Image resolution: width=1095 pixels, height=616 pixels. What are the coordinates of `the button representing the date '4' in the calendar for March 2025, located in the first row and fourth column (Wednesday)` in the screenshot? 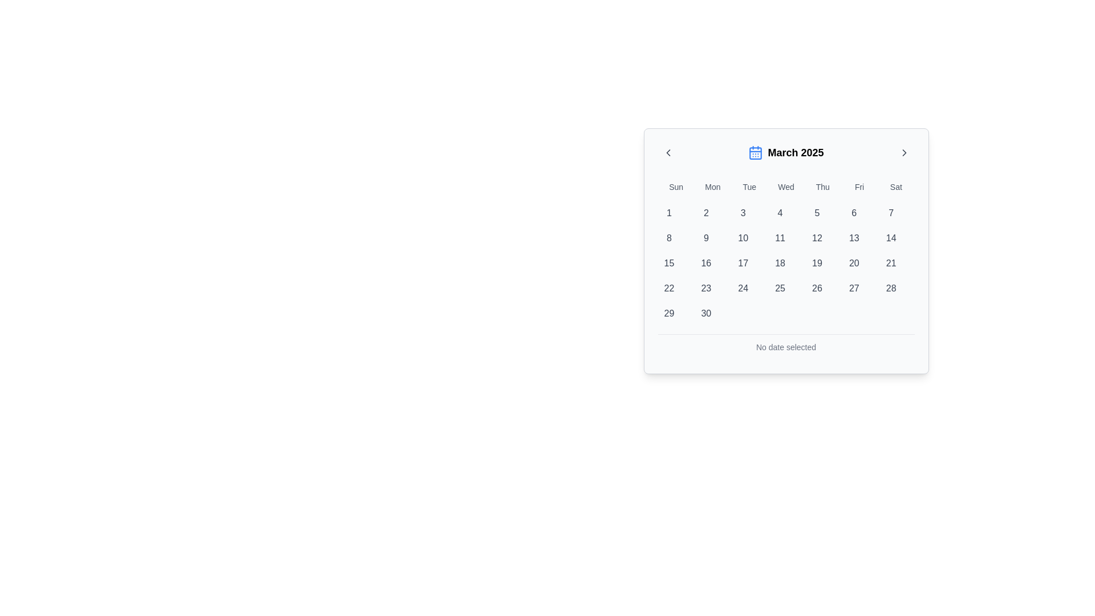 It's located at (780, 213).